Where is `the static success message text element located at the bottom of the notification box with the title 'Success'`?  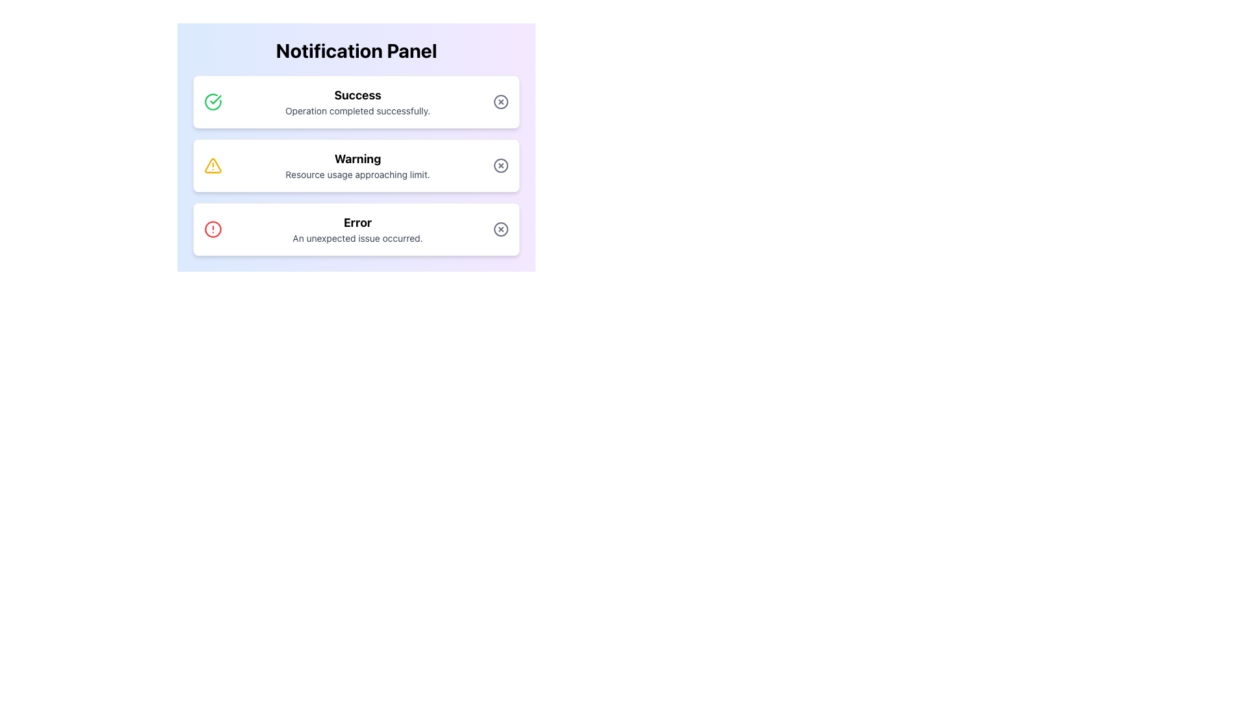
the static success message text element located at the bottom of the notification box with the title 'Success' is located at coordinates (357, 110).